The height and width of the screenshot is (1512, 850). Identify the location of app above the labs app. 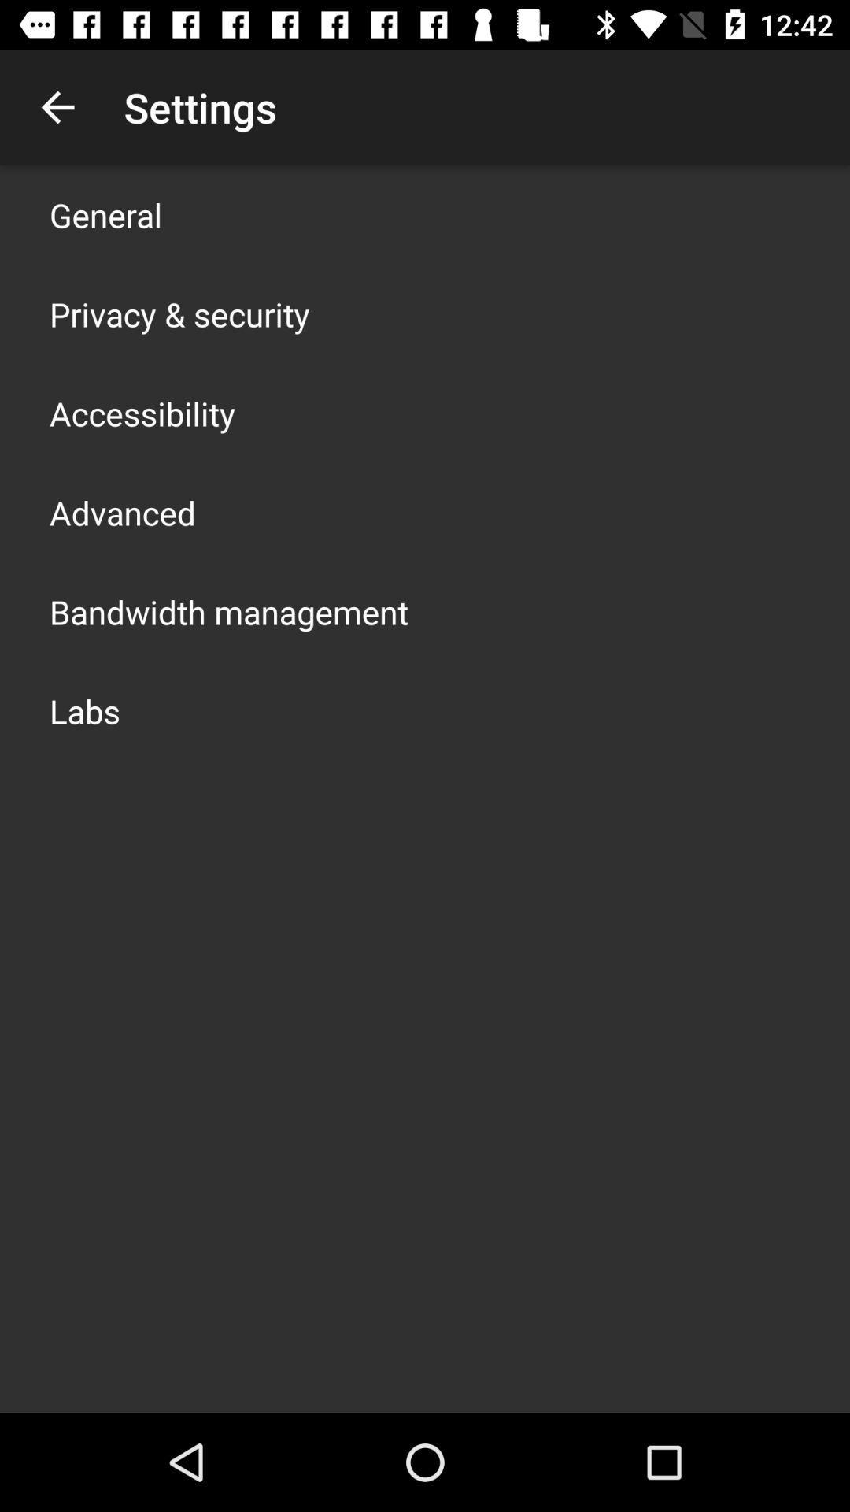
(228, 611).